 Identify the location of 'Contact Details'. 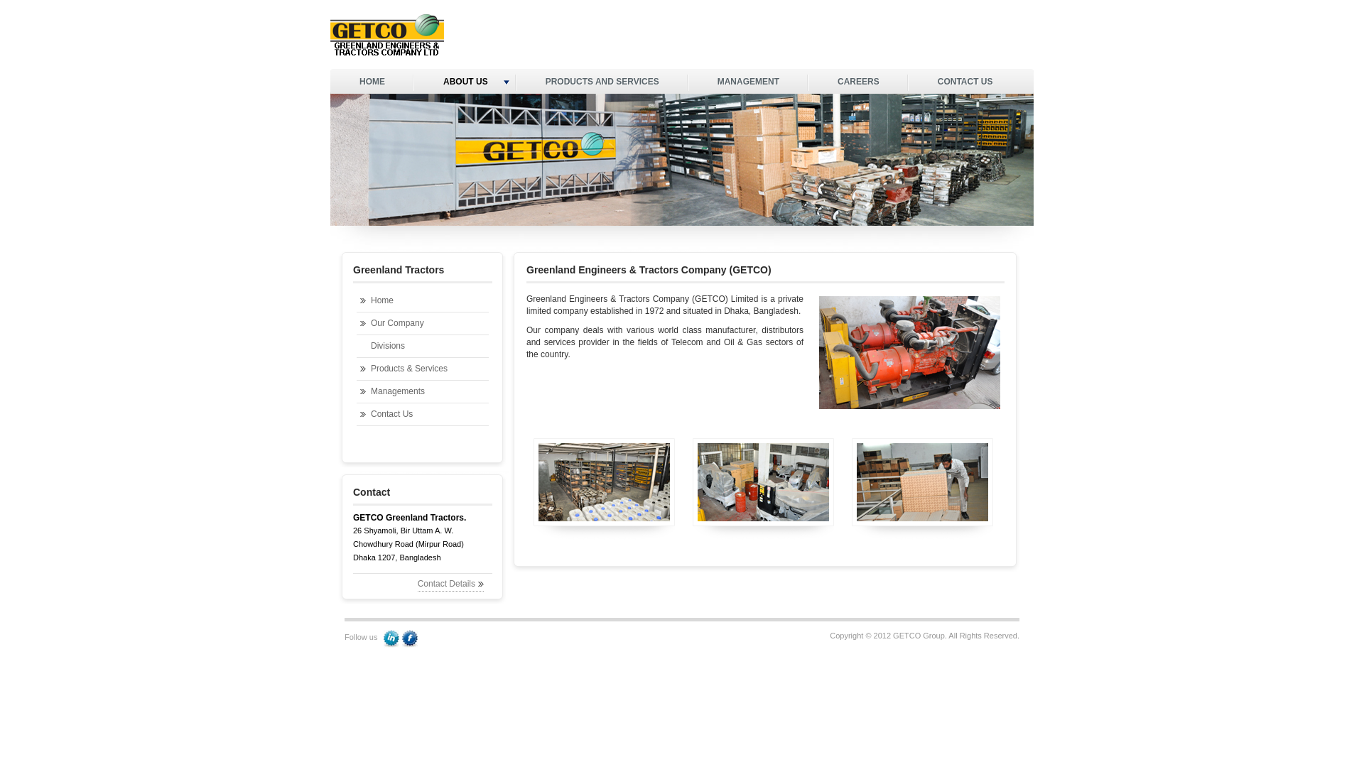
(450, 584).